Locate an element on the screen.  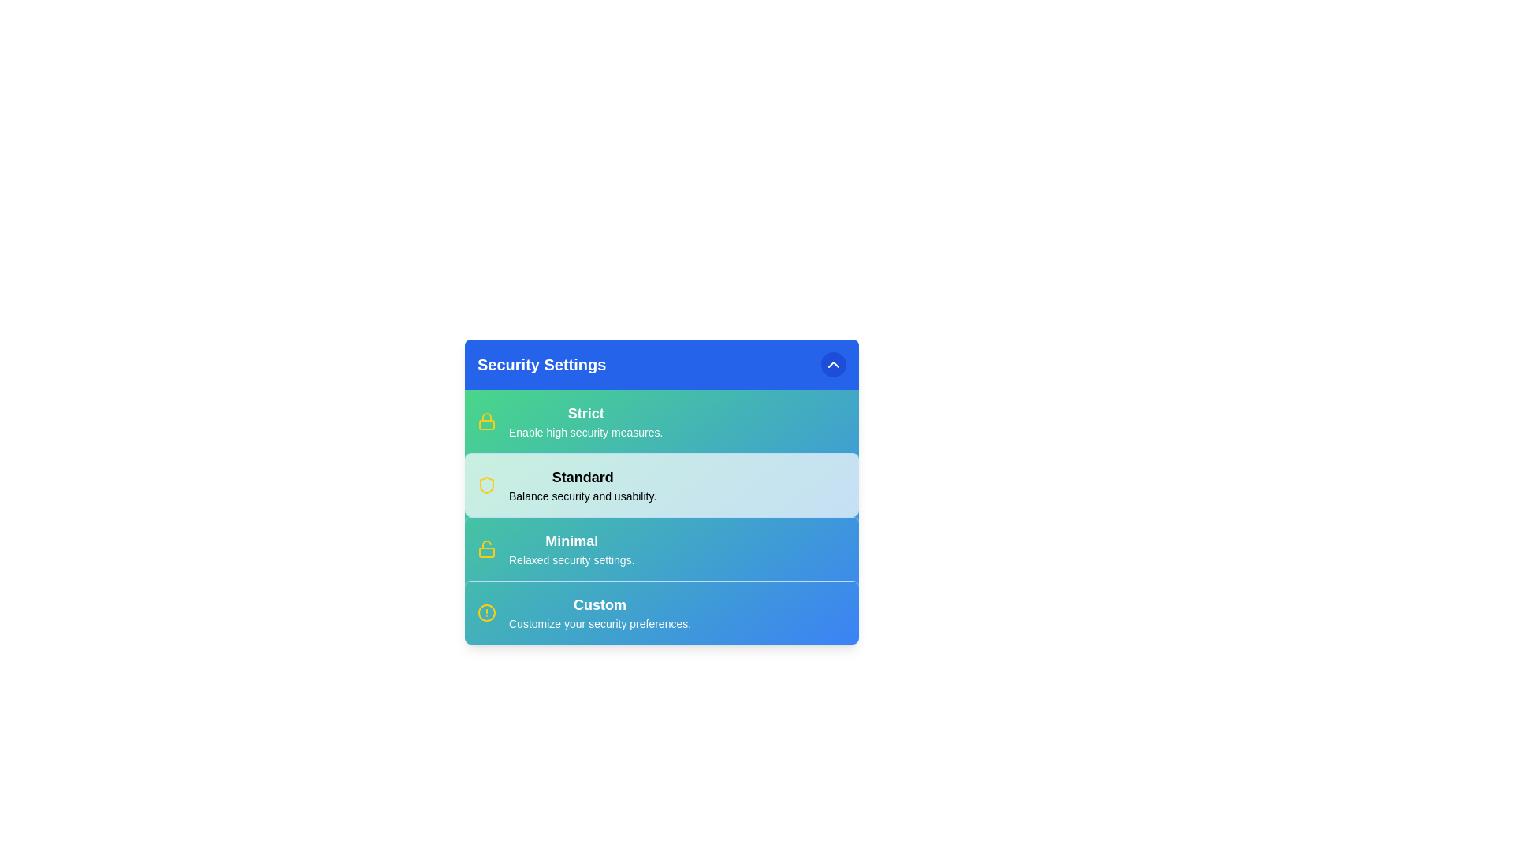
the security option Strict from the menu is located at coordinates (585, 421).